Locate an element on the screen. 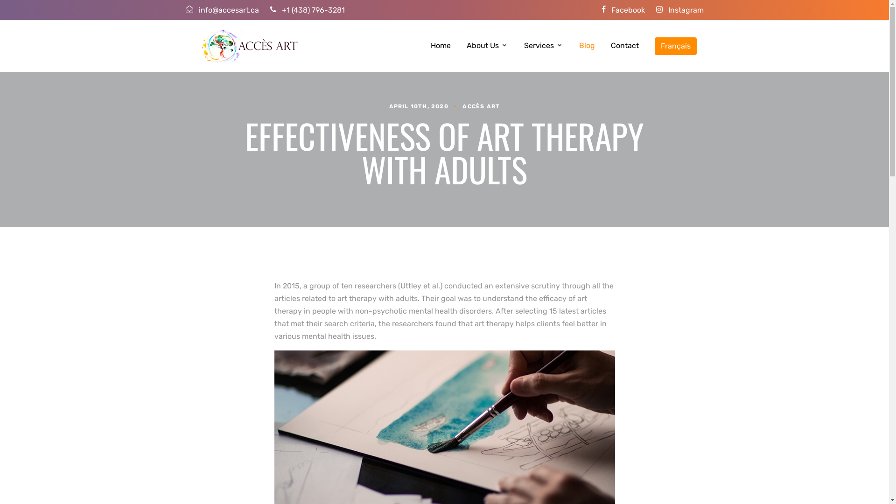  'Services' is located at coordinates (524, 45).